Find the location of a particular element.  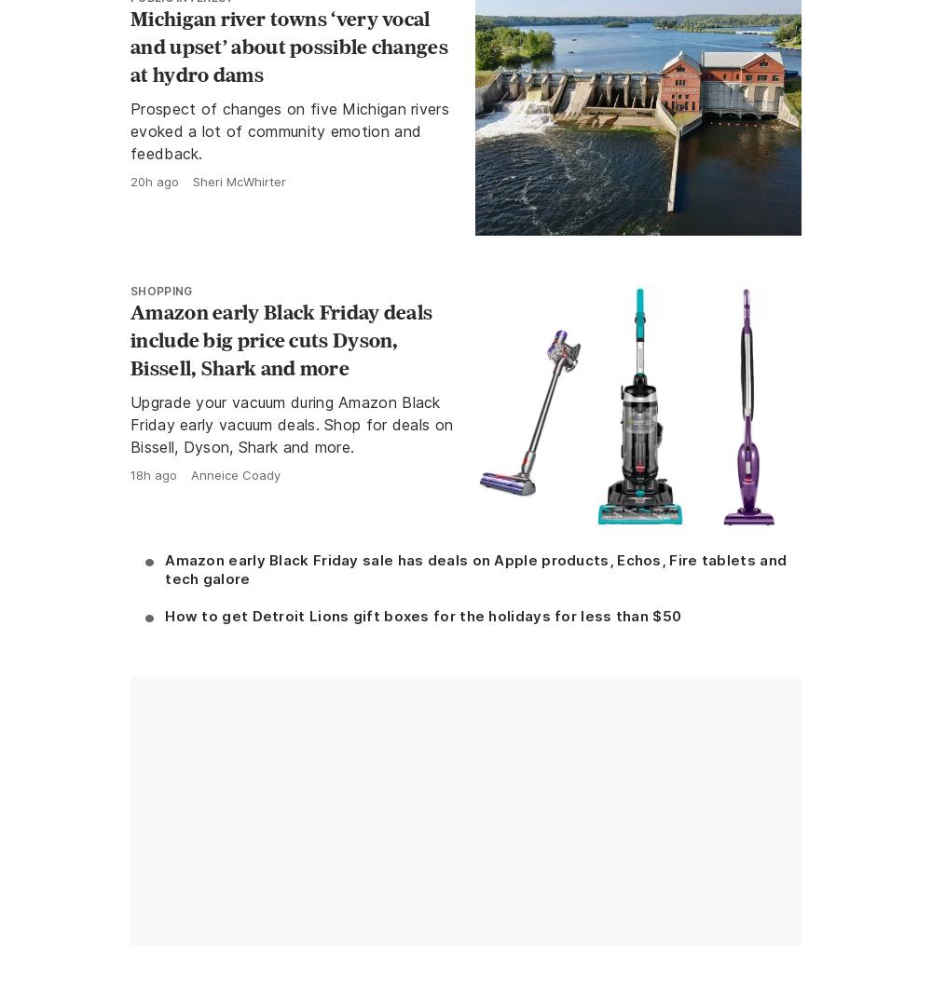

'Amazon early Black Friday deals include big price cuts Dyson, Bissell, Shark and more' is located at coordinates (281, 339).